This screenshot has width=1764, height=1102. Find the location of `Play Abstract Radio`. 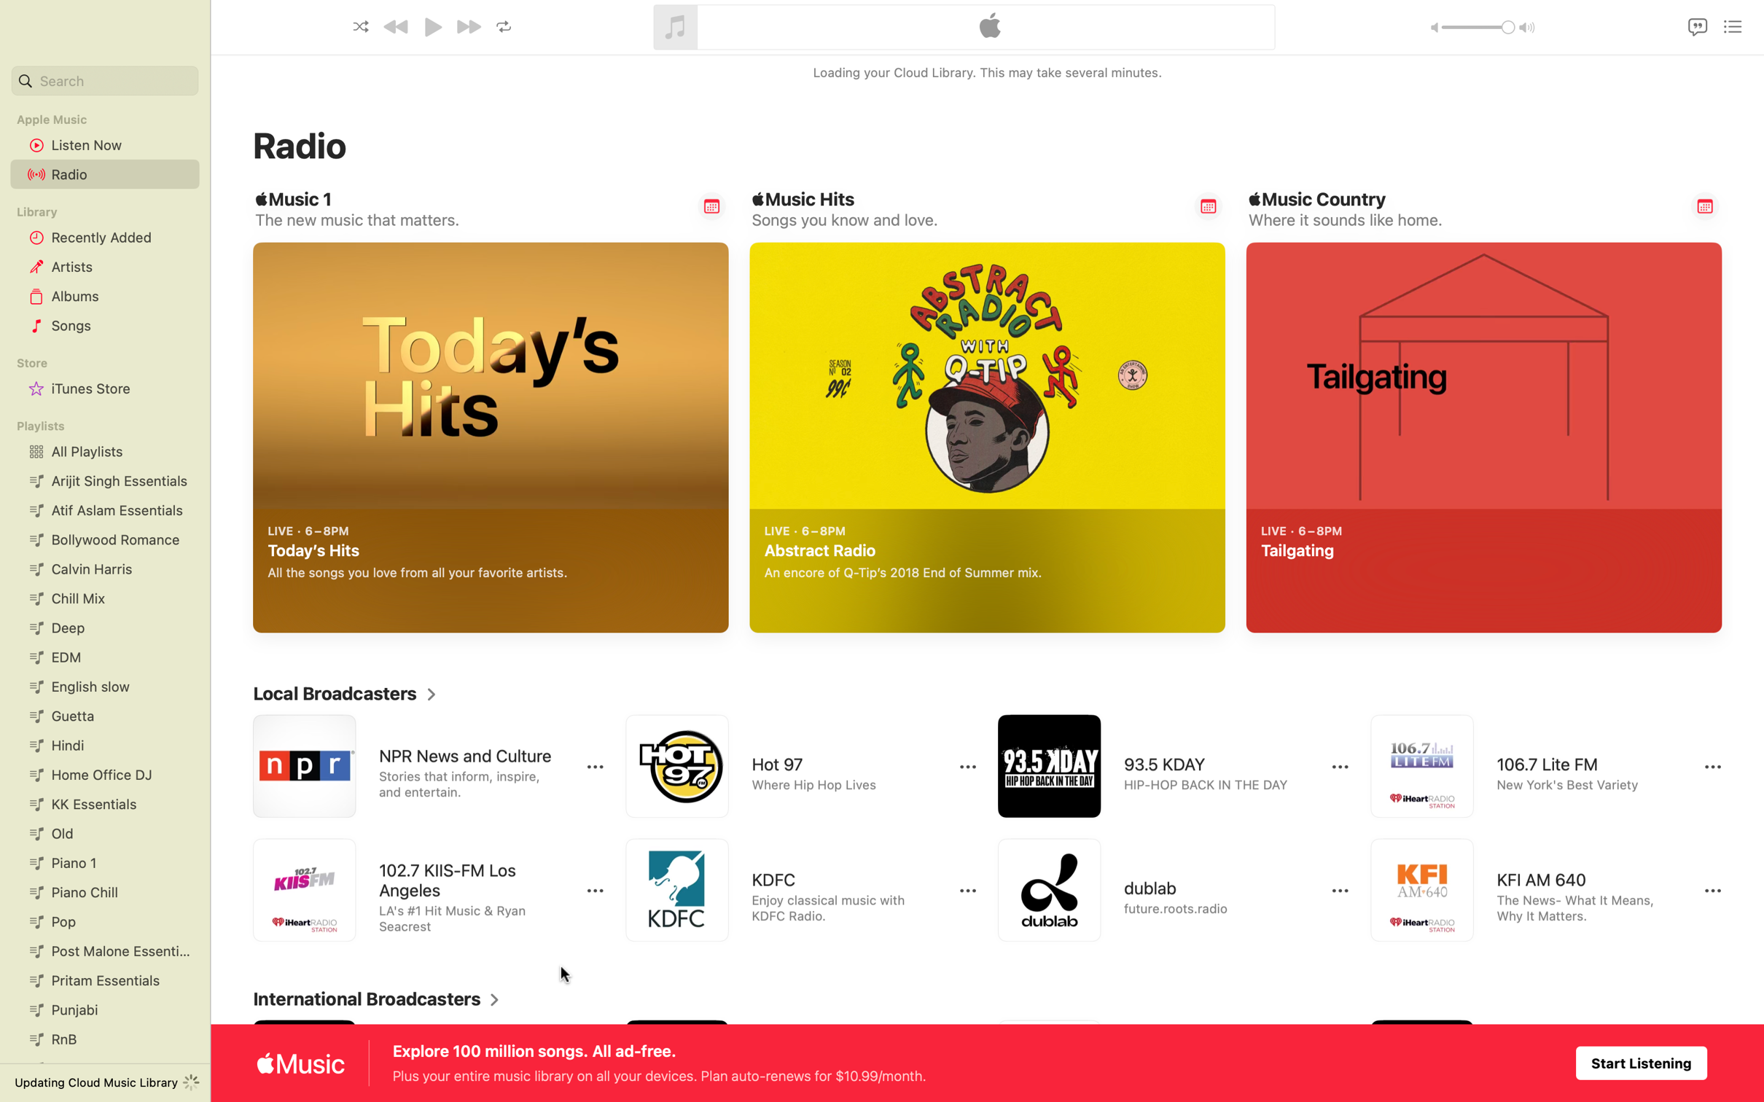

Play Abstract Radio is located at coordinates (1193, 602).